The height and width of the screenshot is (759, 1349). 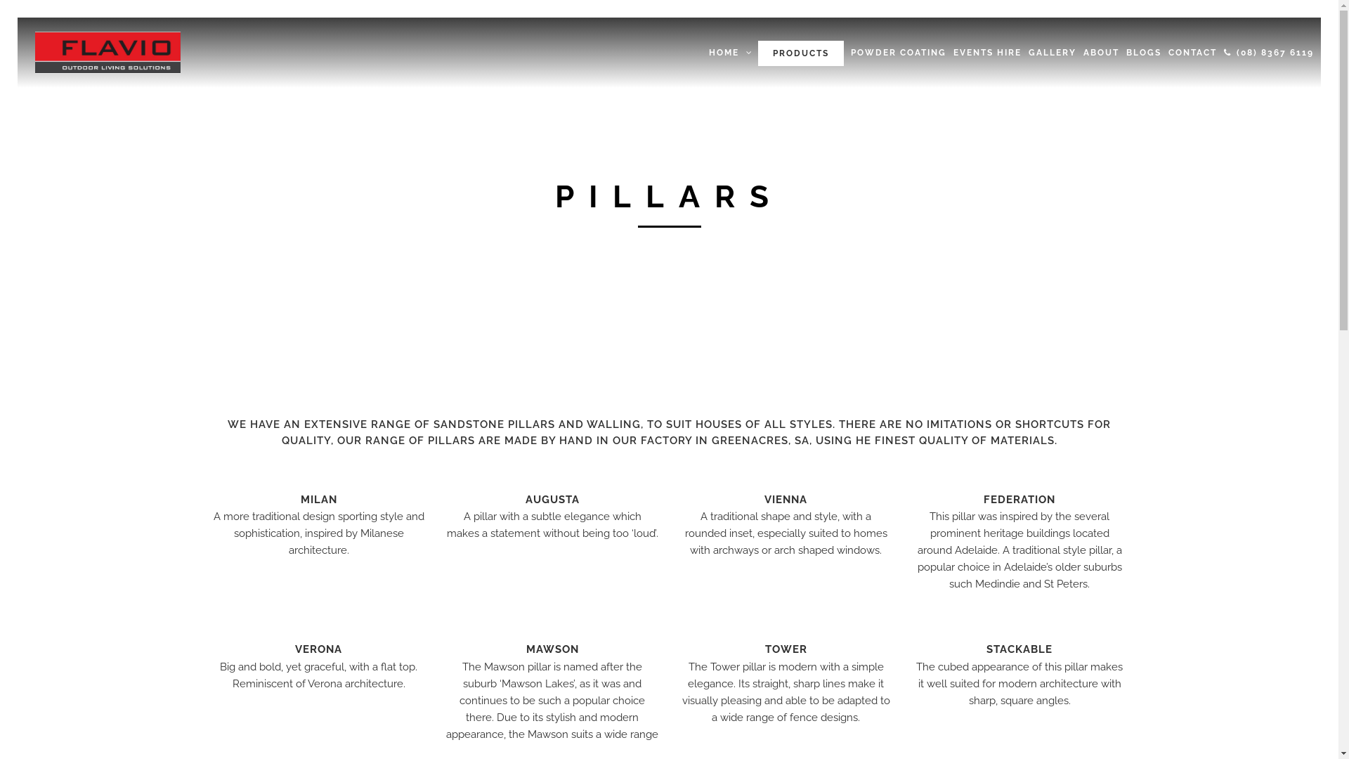 What do you see at coordinates (705, 51) in the screenshot?
I see `'HOME'` at bounding box center [705, 51].